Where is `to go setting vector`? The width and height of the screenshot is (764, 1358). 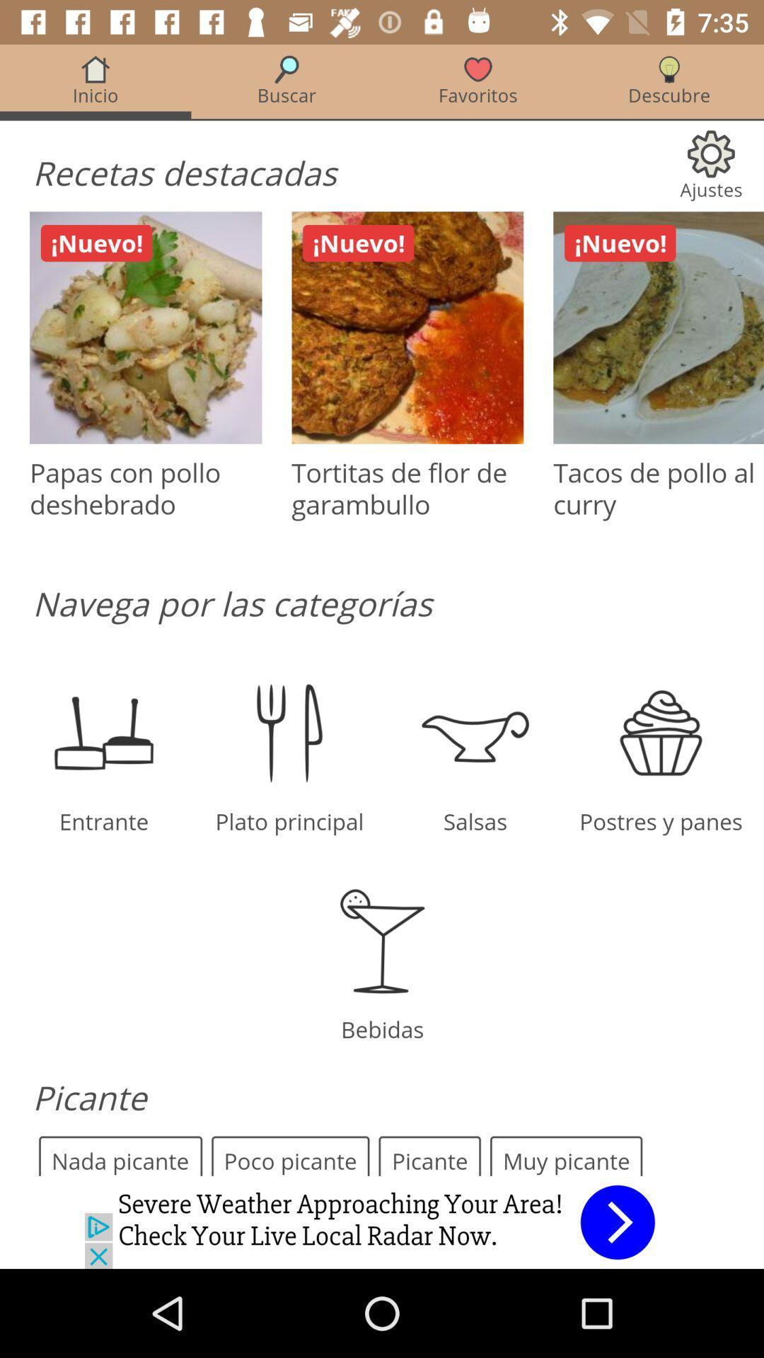 to go setting vector is located at coordinates (382, 610).